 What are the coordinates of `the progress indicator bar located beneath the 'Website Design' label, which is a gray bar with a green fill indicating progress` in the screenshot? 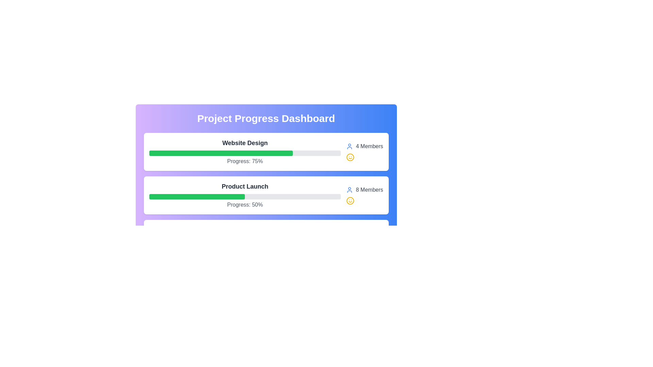 It's located at (245, 153).